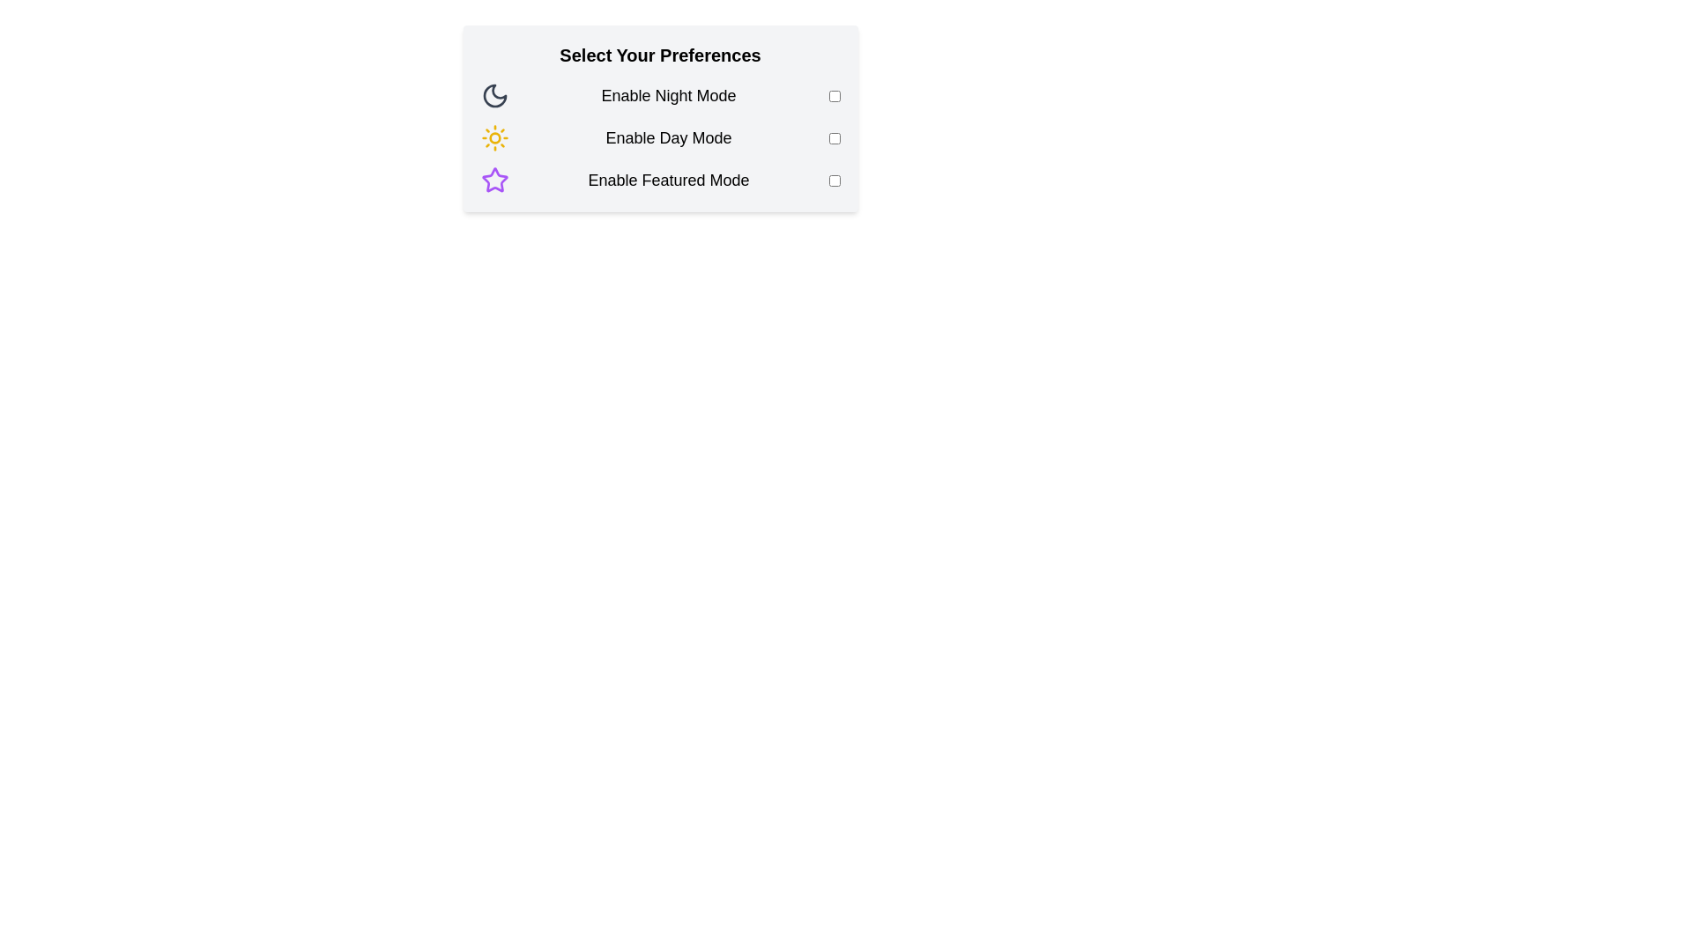 The image size is (1692, 951). I want to click on text label indicating the purpose of the adjacent checkbox for enabling 'night mode', located in the first row of the preference options, so click(667, 95).